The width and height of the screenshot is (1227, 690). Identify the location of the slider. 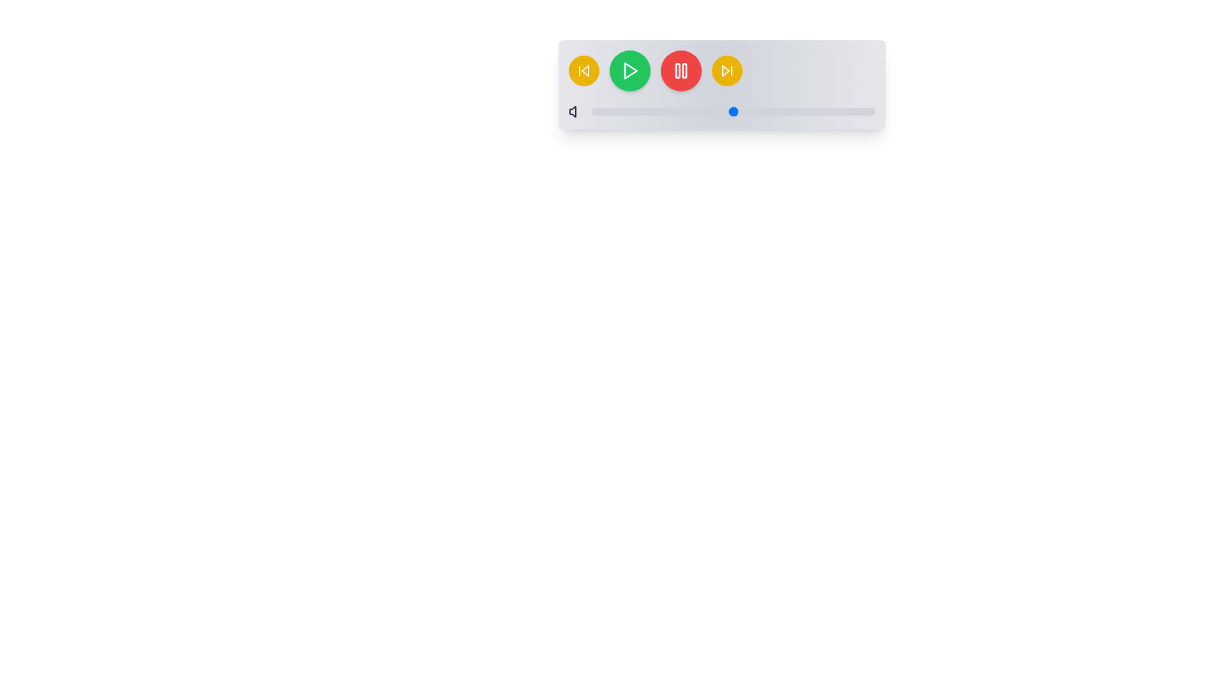
(648, 111).